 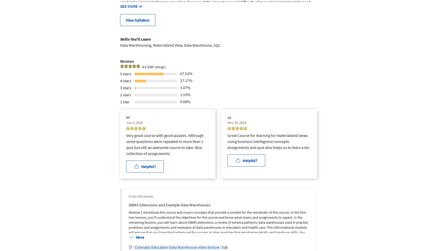 What do you see at coordinates (185, 94) in the screenshot?
I see `'1.53%'` at bounding box center [185, 94].